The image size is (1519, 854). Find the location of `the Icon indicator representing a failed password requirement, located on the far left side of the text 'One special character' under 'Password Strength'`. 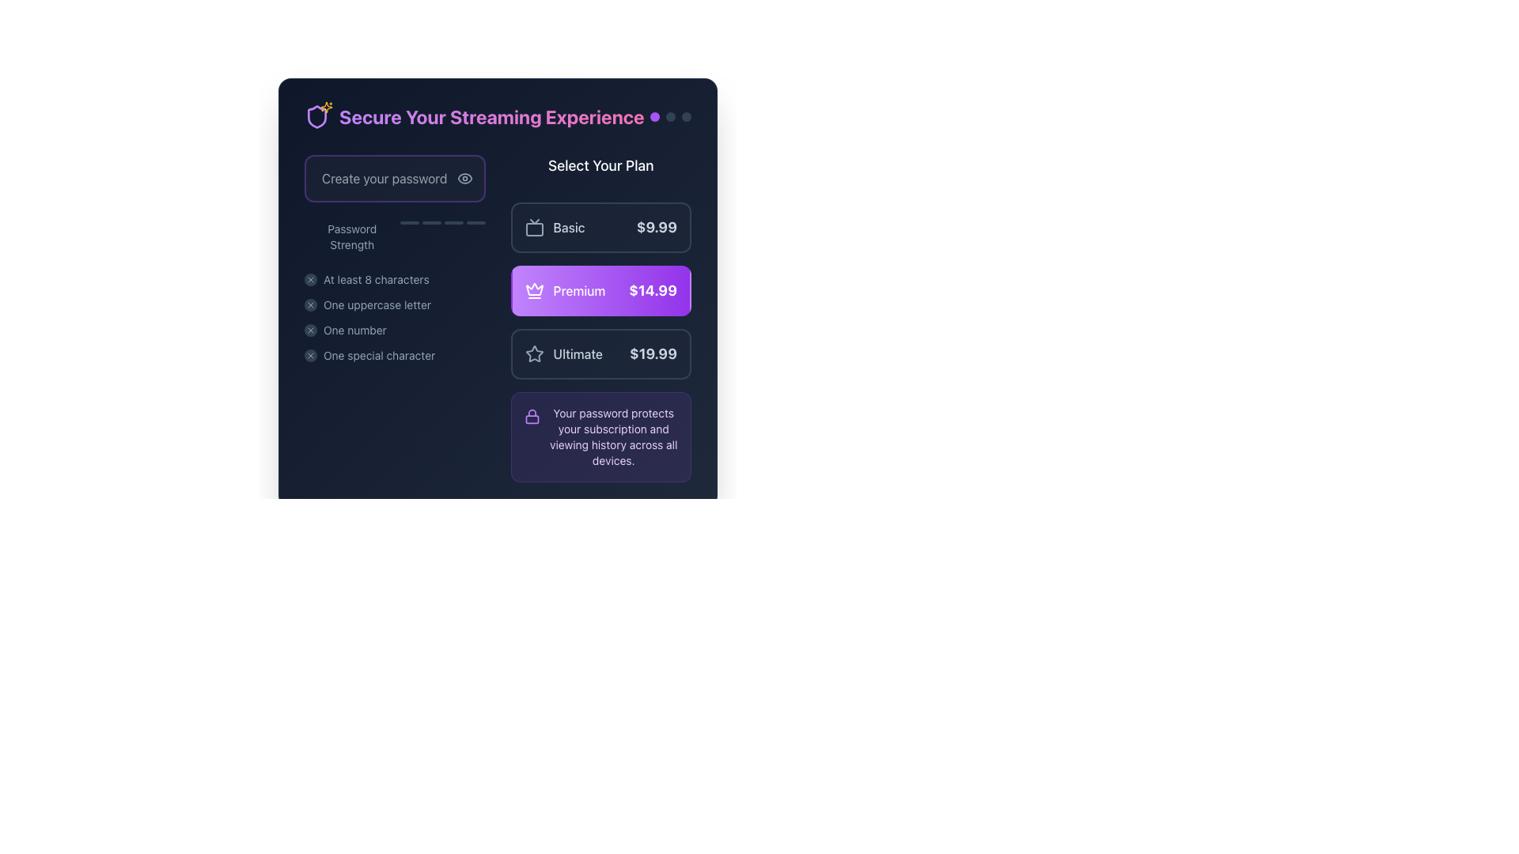

the Icon indicator representing a failed password requirement, located on the far left side of the text 'One special character' under 'Password Strength' is located at coordinates (311, 356).